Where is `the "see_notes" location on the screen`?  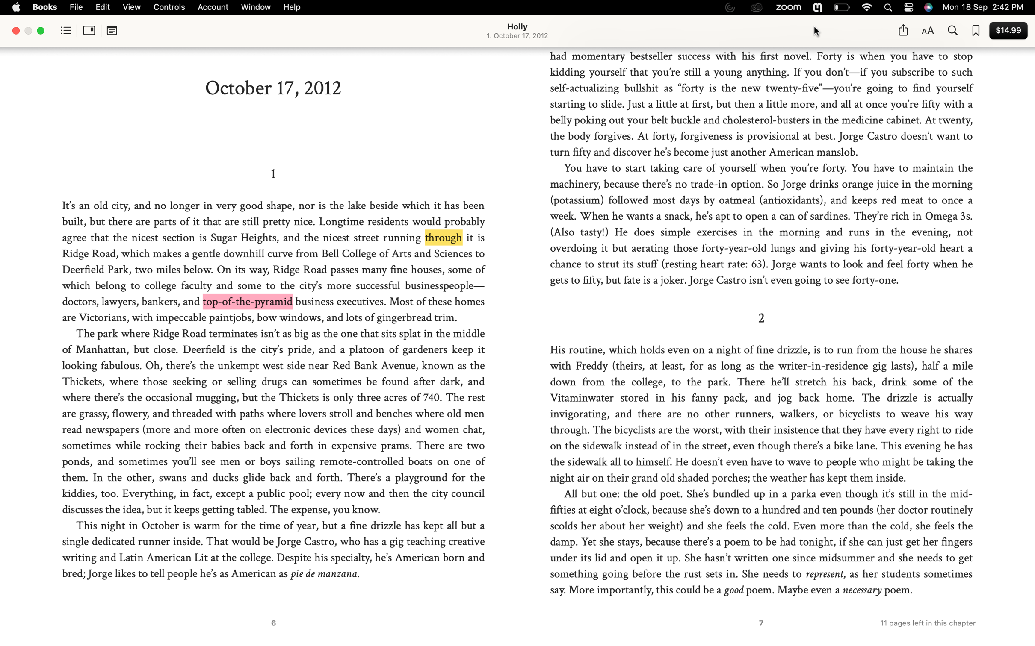
the "see_notes" location on the screen is located at coordinates (380880, 63954).